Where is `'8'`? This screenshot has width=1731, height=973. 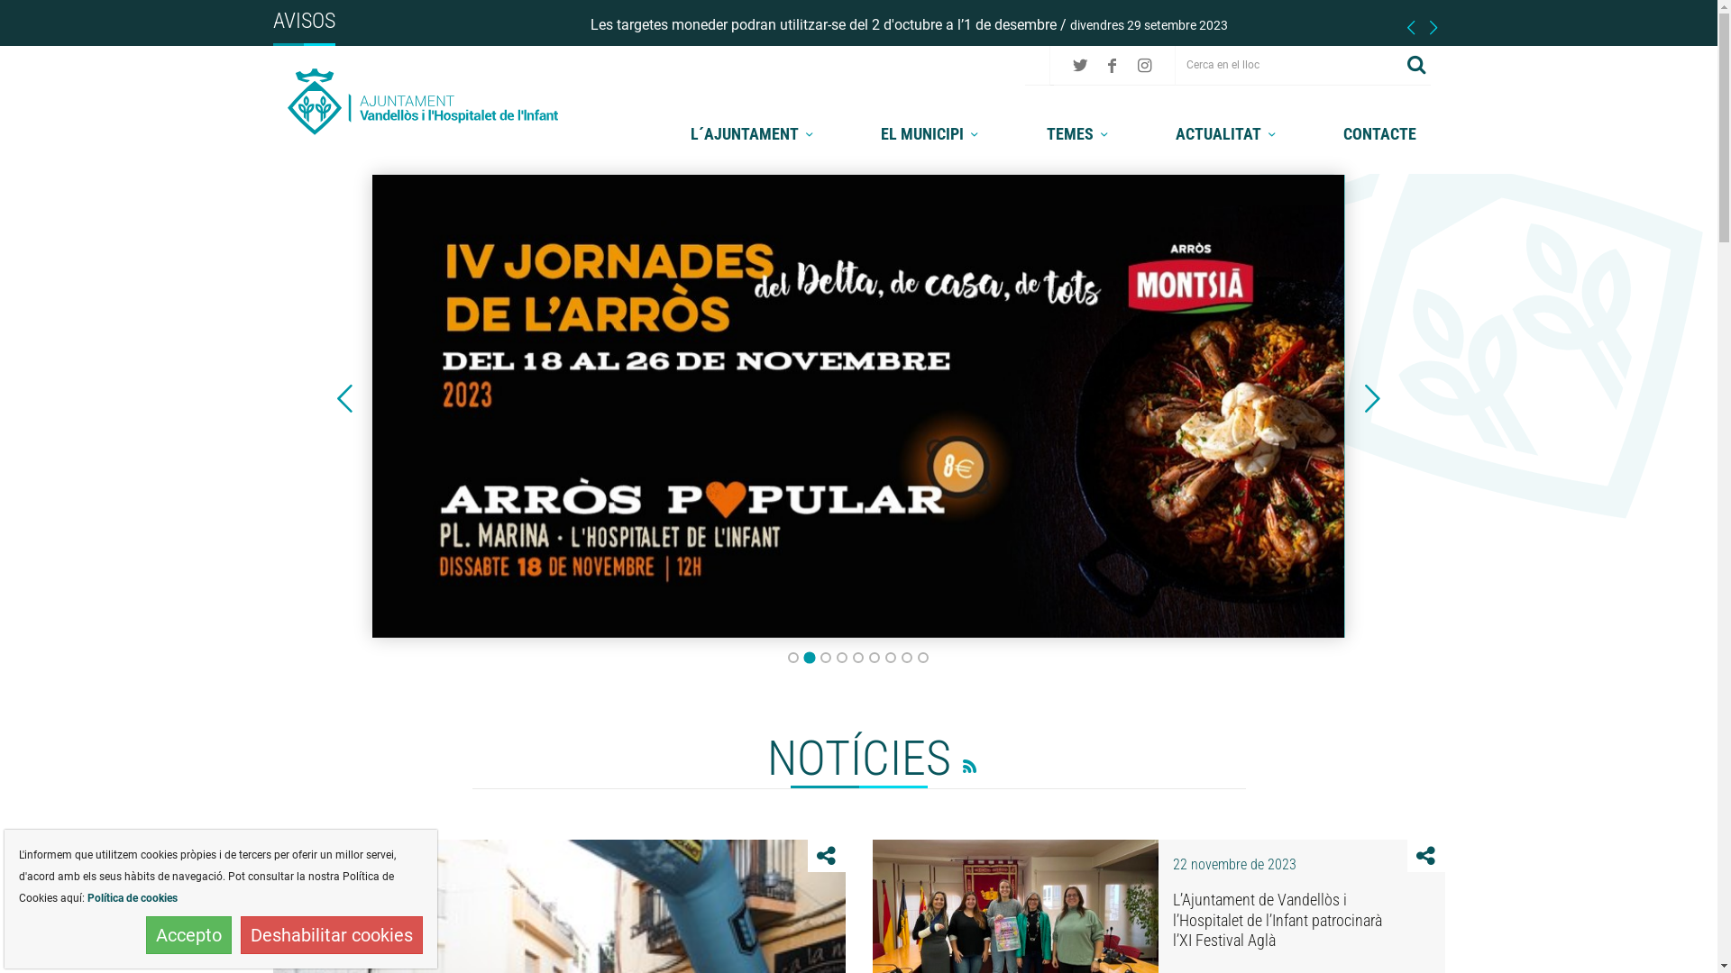
'8' is located at coordinates (901, 657).